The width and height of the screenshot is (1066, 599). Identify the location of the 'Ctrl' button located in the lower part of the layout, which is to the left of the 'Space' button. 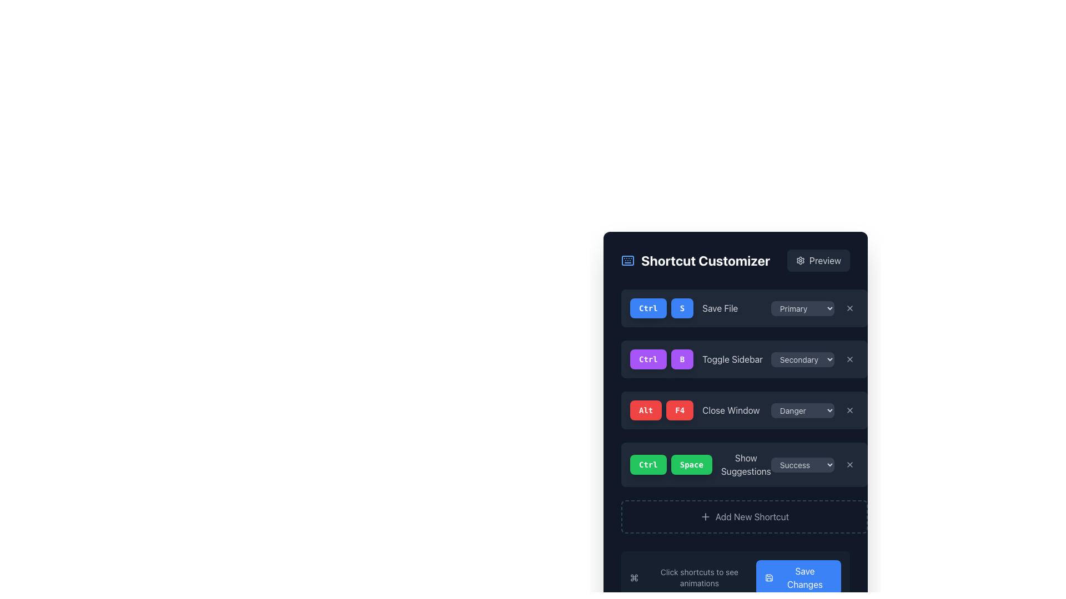
(648, 464).